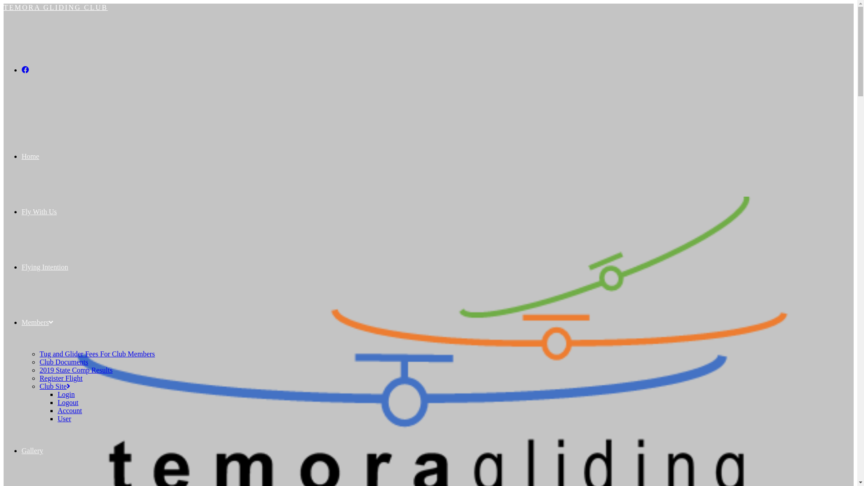 The height and width of the screenshot is (486, 864). I want to click on 'Club Documents', so click(63, 361).